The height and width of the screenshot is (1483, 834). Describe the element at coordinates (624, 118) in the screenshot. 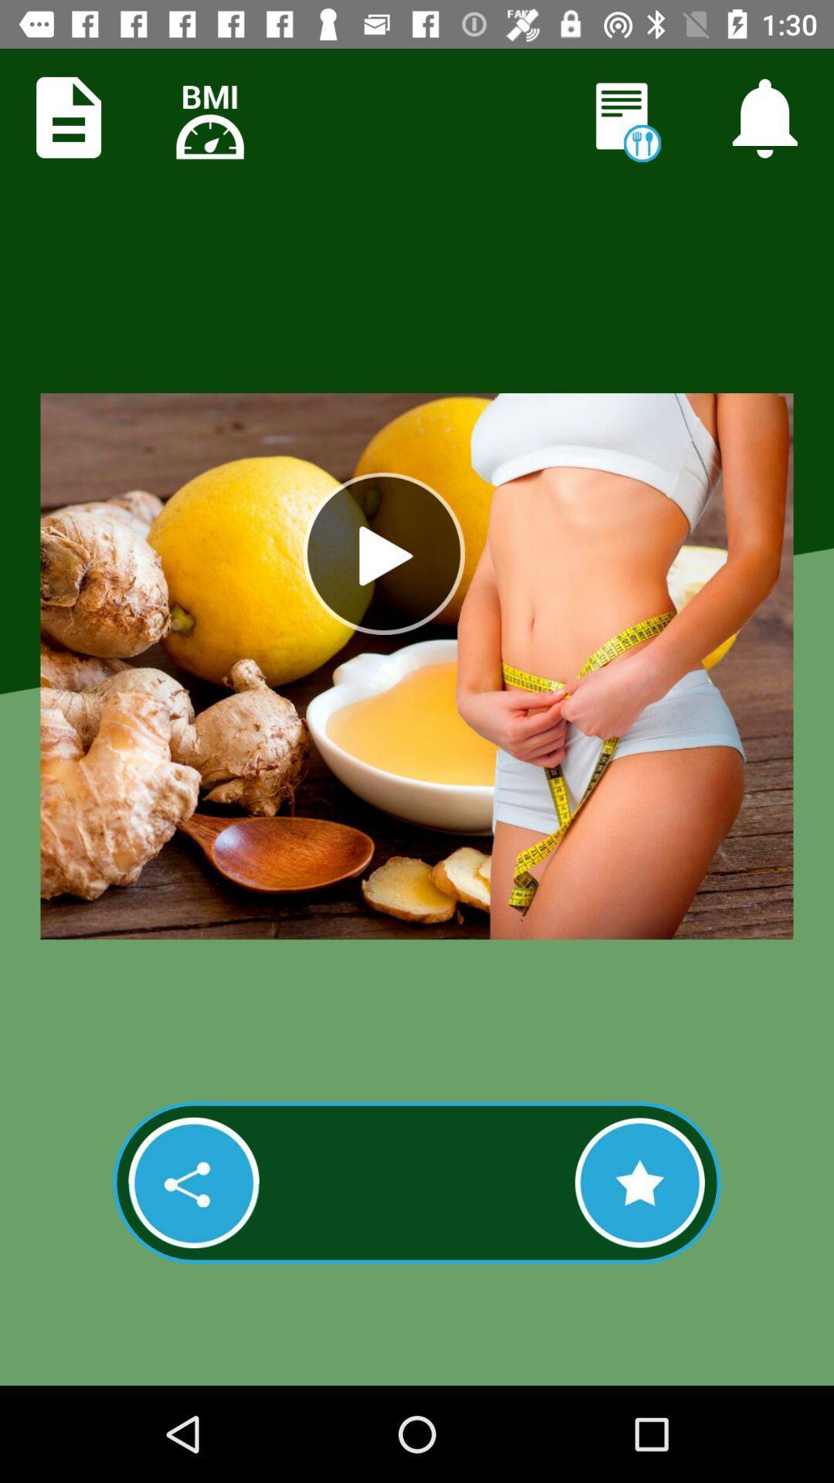

I see `open nutrition info` at that location.